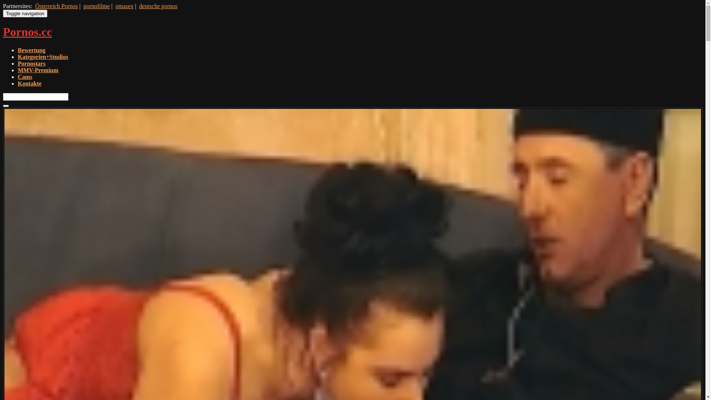 The width and height of the screenshot is (711, 400). Describe the element at coordinates (31, 50) in the screenshot. I see `'Bewertung'` at that location.